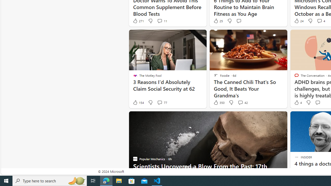 This screenshot has height=186, width=331. I want to click on '4 Like', so click(298, 103).